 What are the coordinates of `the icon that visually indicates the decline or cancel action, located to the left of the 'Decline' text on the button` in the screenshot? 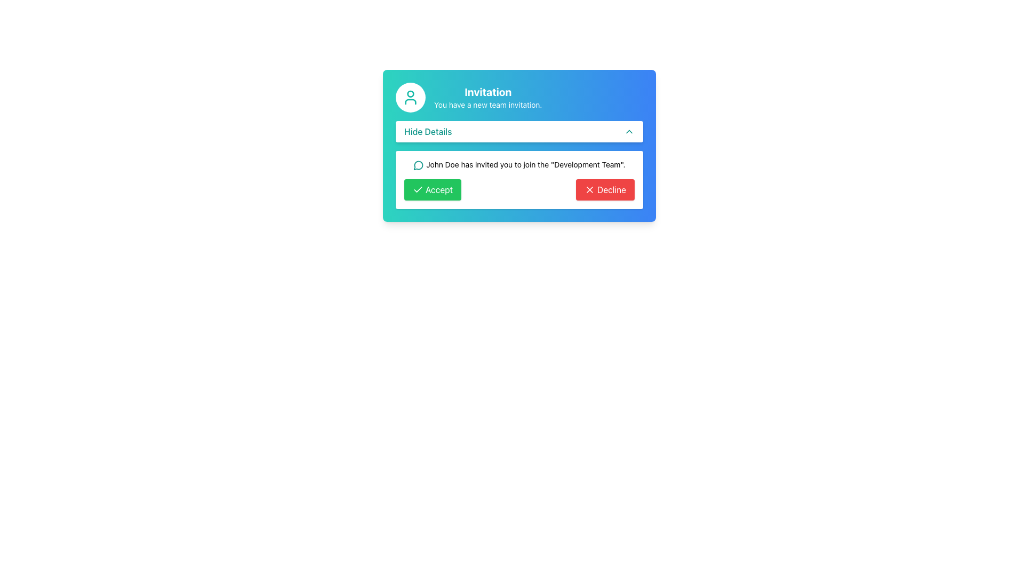 It's located at (589, 189).